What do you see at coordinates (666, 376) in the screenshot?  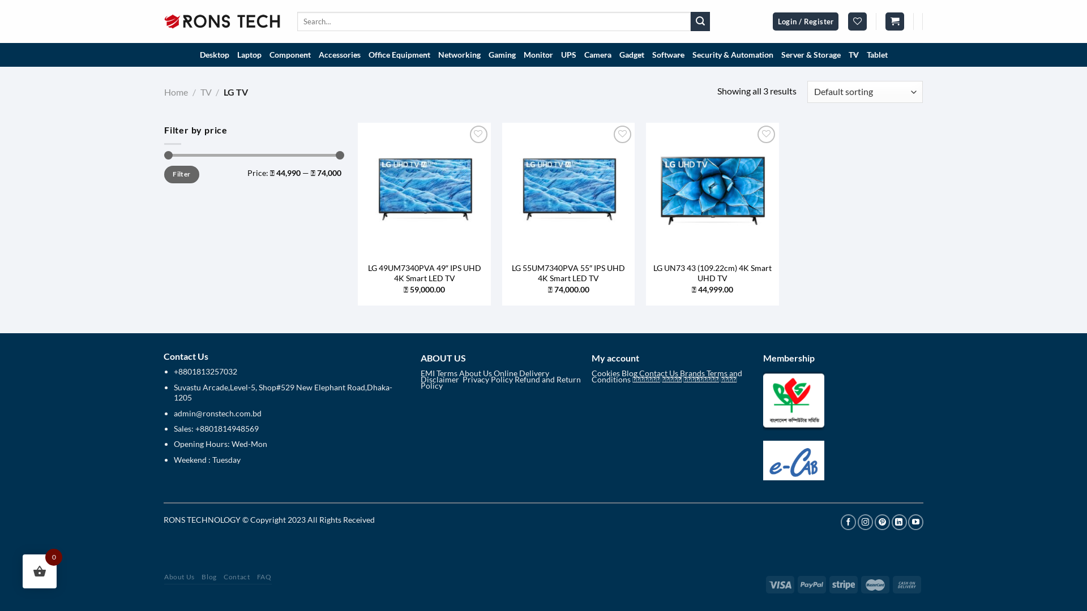 I see `'Terms and Conditions'` at bounding box center [666, 376].